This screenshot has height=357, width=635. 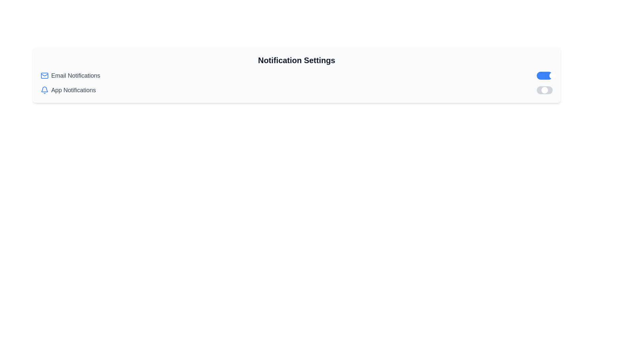 What do you see at coordinates (544, 90) in the screenshot?
I see `the toggle switch for 'App Notifications' located on the far right of the row` at bounding box center [544, 90].